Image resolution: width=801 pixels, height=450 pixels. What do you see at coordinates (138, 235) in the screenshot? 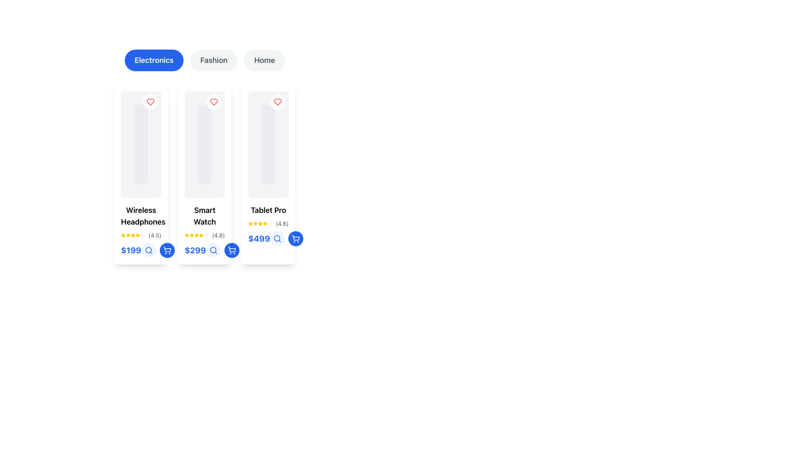
I see `the bright yellow filled star icon representing a single rating star, which is the fifth star in the rating sequence for 'Wireless Headphones'` at bounding box center [138, 235].